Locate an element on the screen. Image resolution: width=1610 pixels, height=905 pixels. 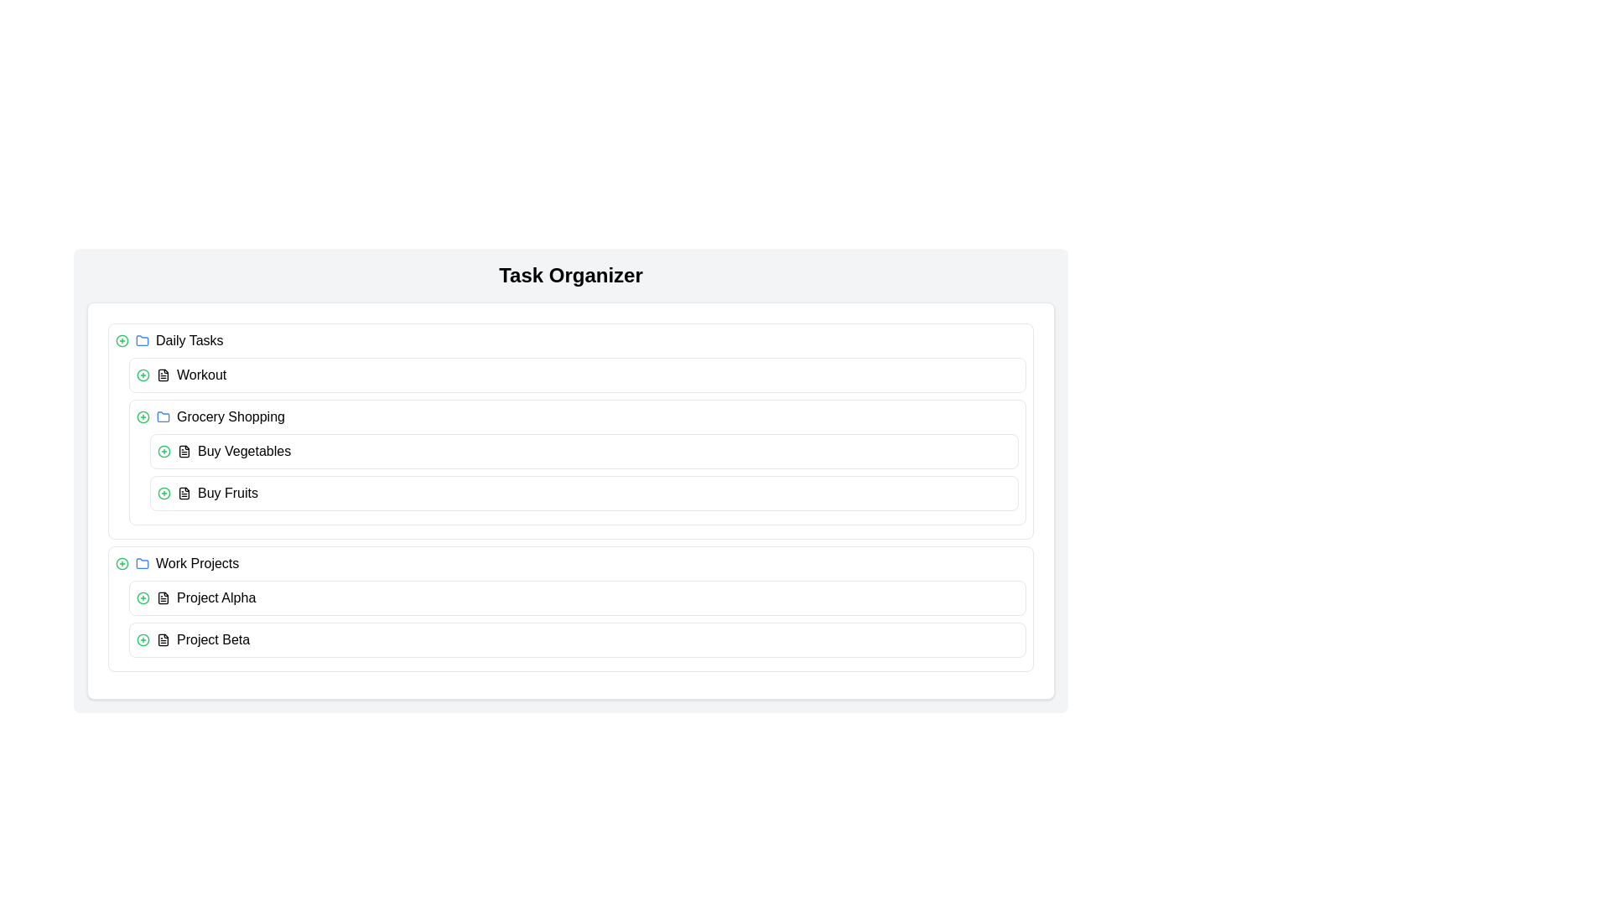
the icon representing the 'Workout' task in the Daily Tasks list, which is the second icon in that section, located to the left of the 'Workout' label is located at coordinates (164, 374).